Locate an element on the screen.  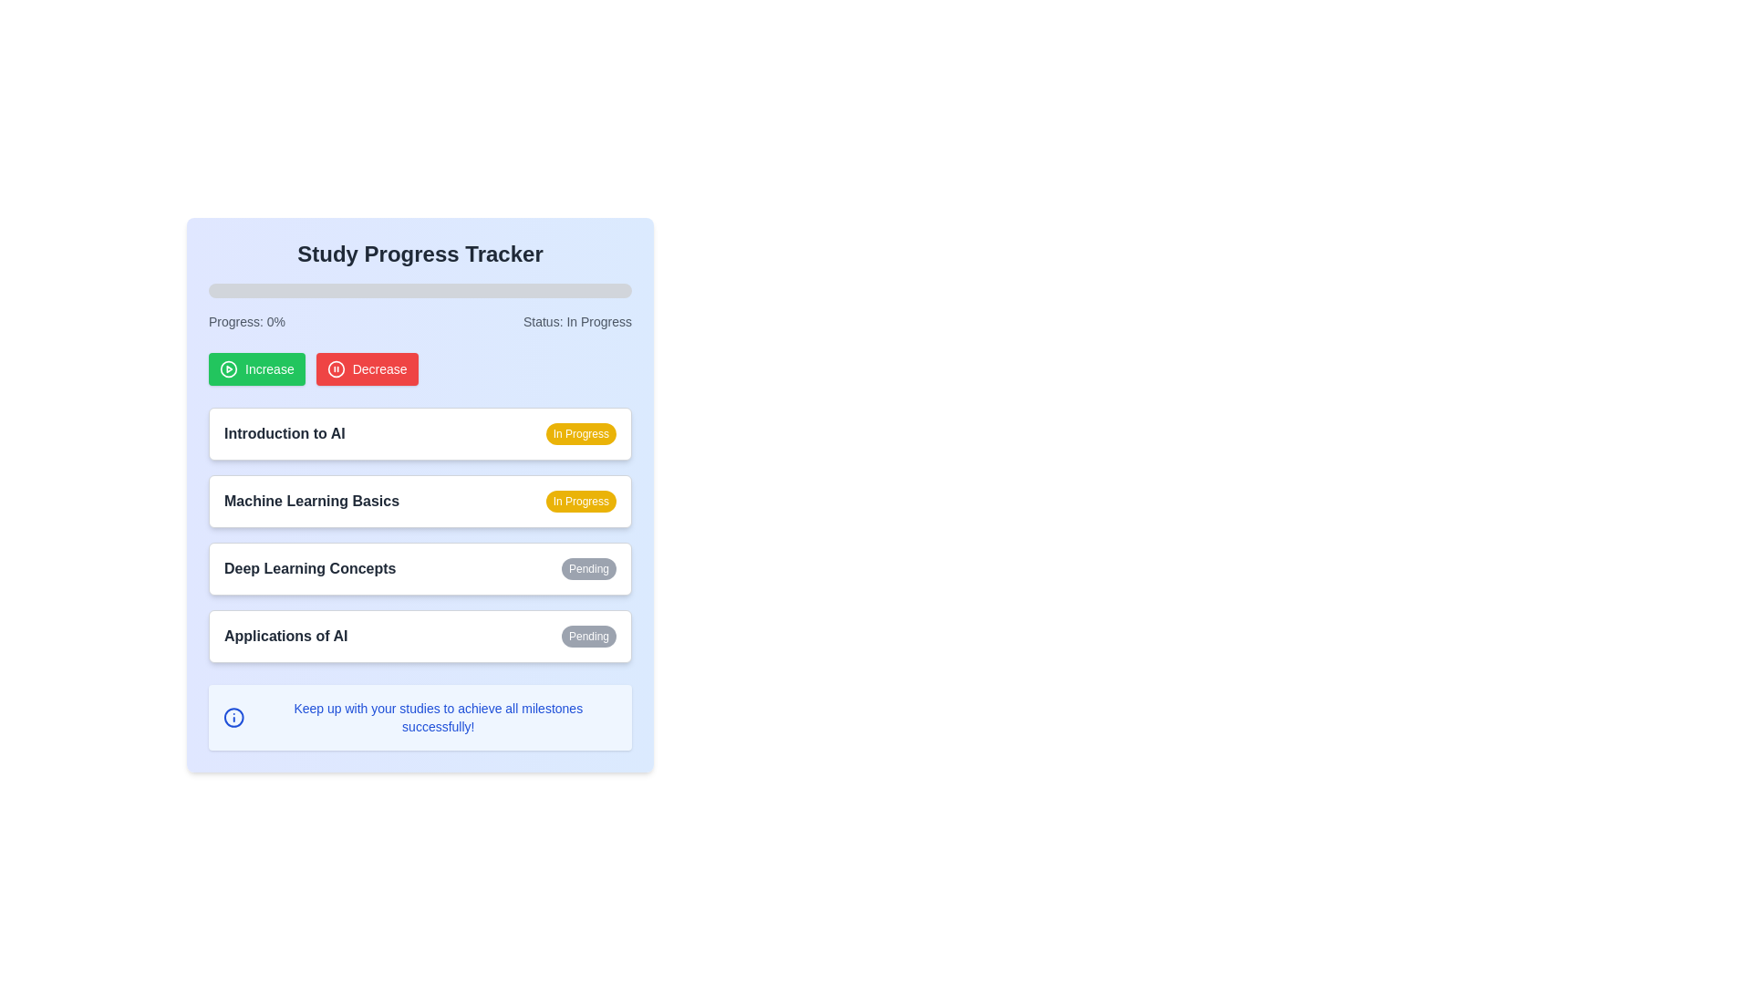
the text label reading 'Status: In Progress', which is styled in light gray on a light blue background and located in the top-right section of the interface is located at coordinates (576, 321).